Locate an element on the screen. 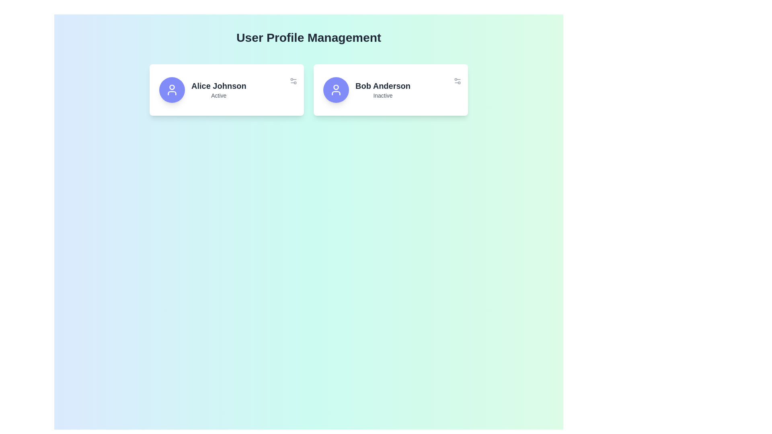 The image size is (772, 434). the text display component showing 'Alice Johnson' and 'Active' is located at coordinates (219, 90).